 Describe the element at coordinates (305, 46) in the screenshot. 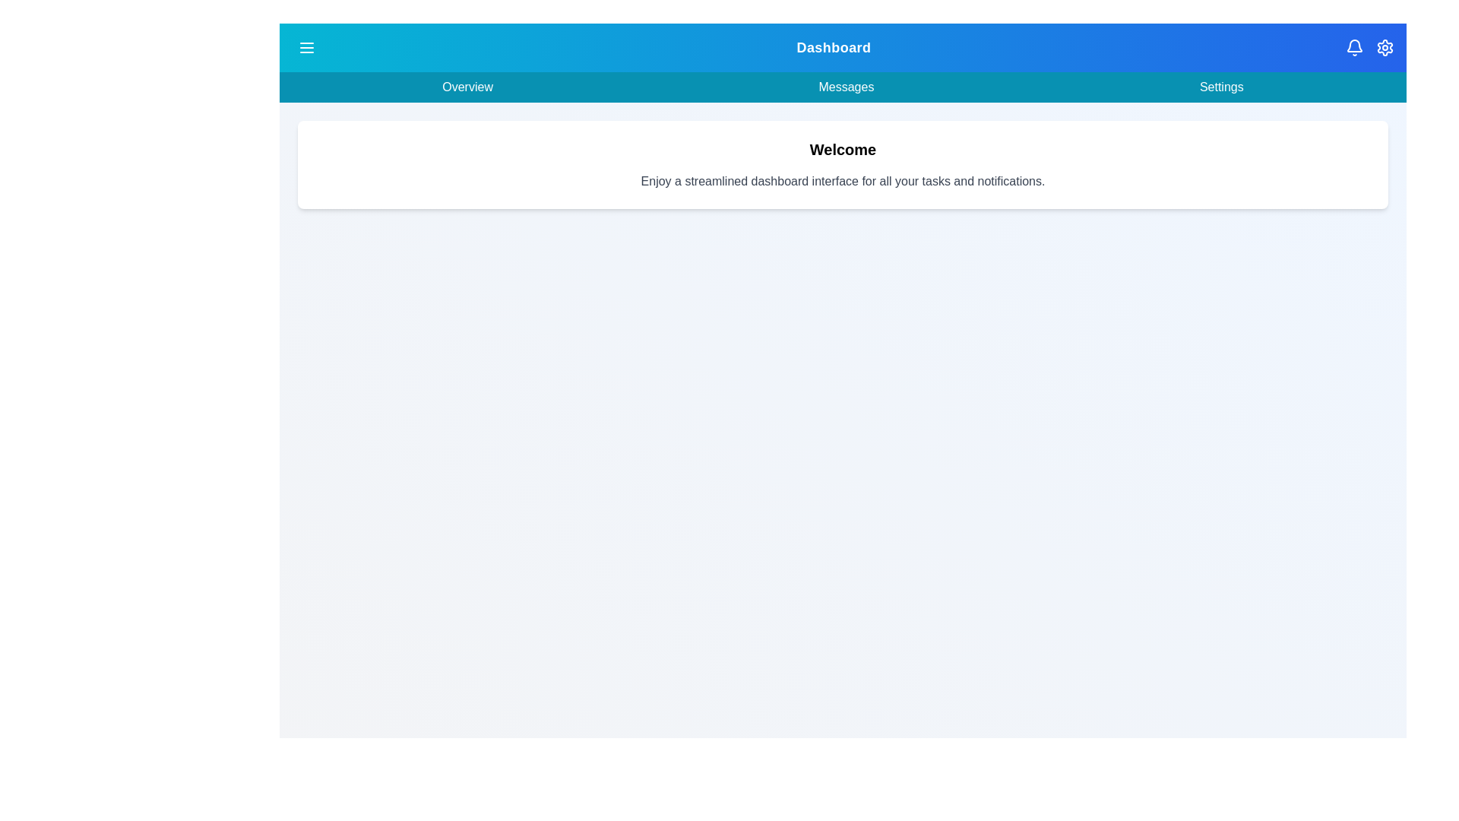

I see `the menu_button to inspect its behavior` at that location.